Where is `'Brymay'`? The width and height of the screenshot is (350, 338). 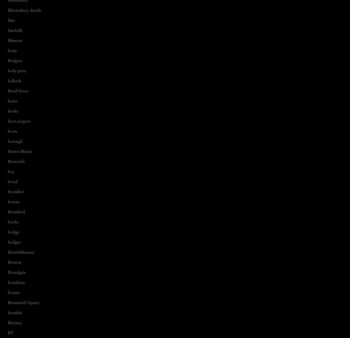 'Brymay' is located at coordinates (15, 322).